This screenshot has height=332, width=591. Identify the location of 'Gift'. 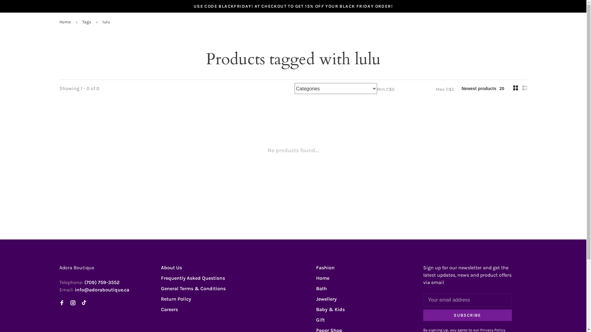
(320, 319).